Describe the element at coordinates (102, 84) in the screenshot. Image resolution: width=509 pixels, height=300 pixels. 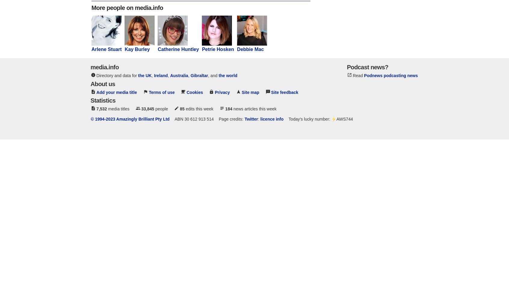
I see `'About us'` at that location.